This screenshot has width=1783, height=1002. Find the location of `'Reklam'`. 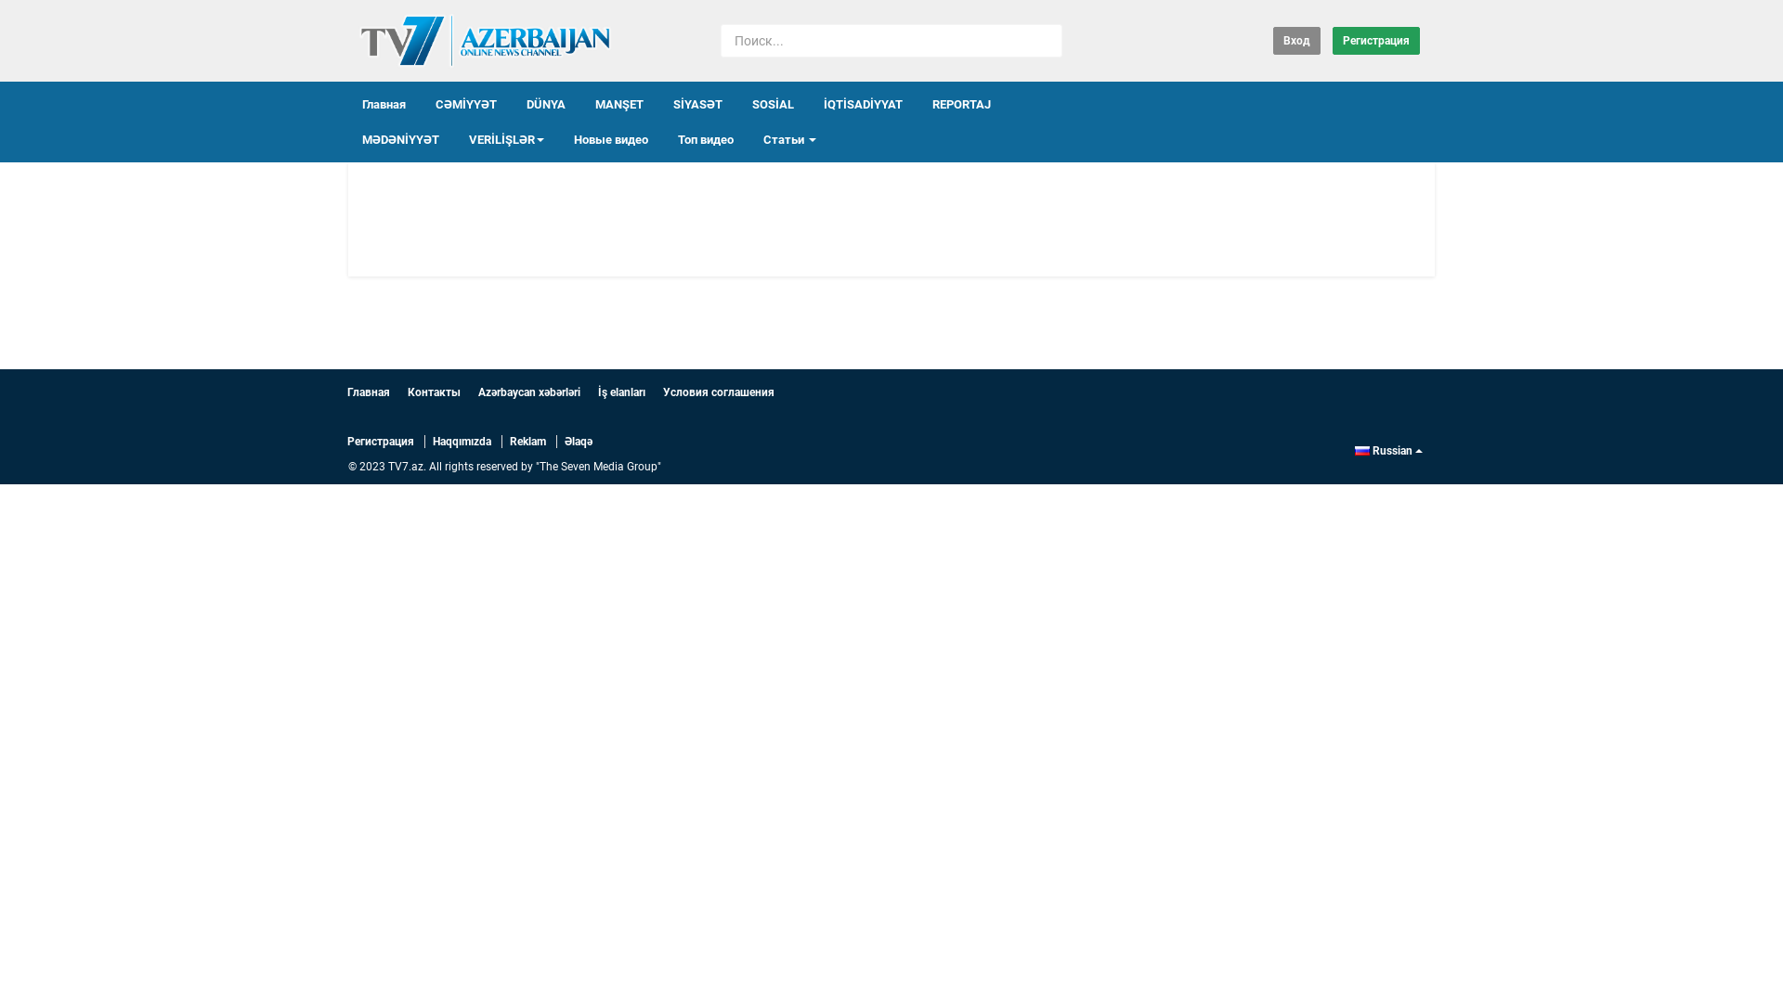

'Reklam' is located at coordinates (527, 441).